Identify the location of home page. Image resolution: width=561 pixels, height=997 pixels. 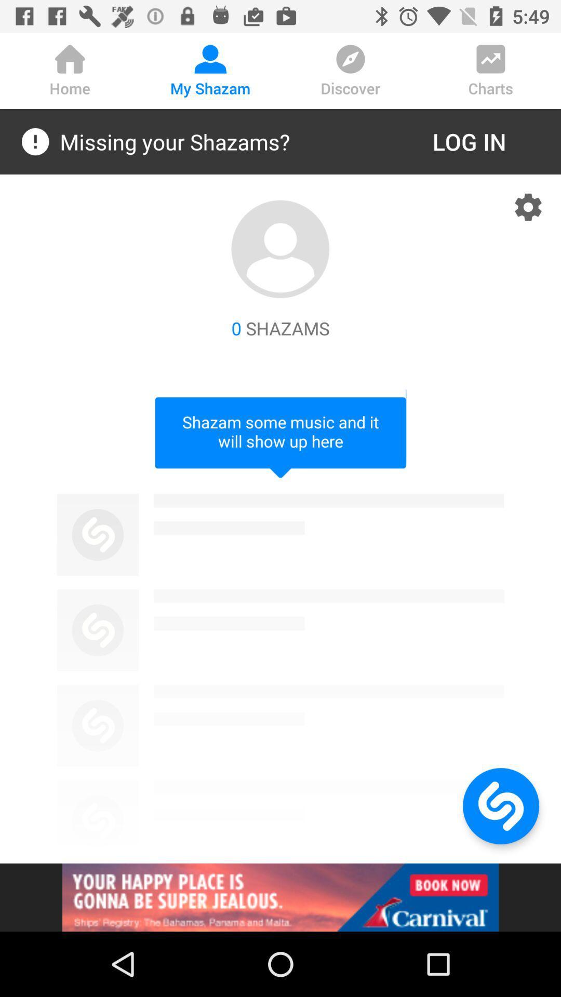
(500, 805).